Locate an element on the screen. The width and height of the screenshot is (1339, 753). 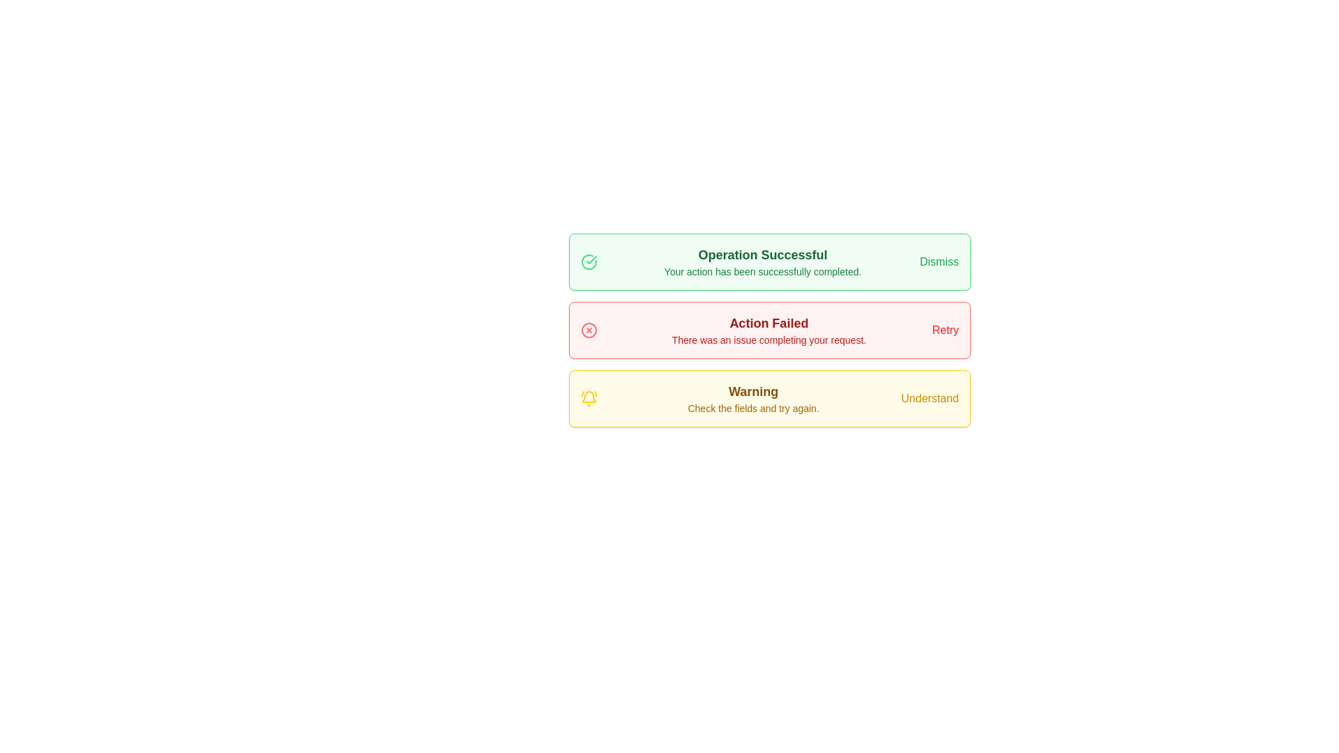
the Notification banner that prompts the user to acknowledge a warning message, located below the 'Action Failed' notification is located at coordinates (769, 398).